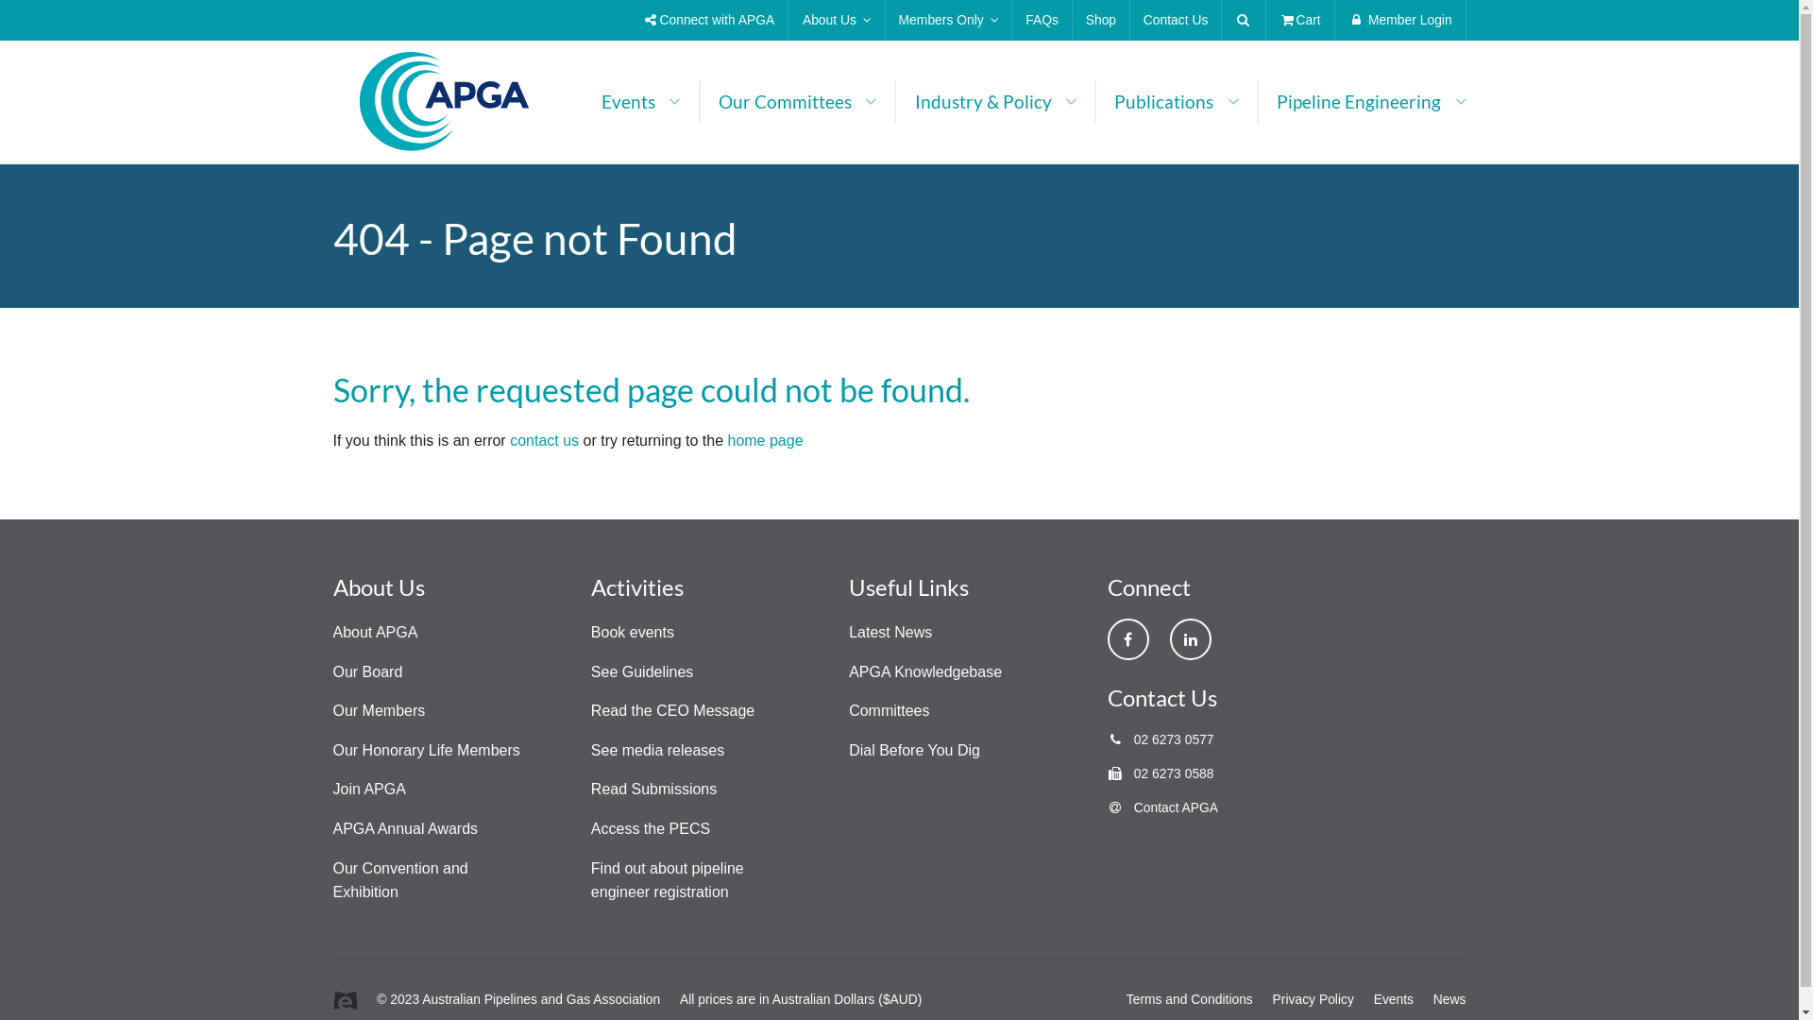 The image size is (1813, 1020). I want to click on 'Pipeline Engineering', so click(1259, 102).